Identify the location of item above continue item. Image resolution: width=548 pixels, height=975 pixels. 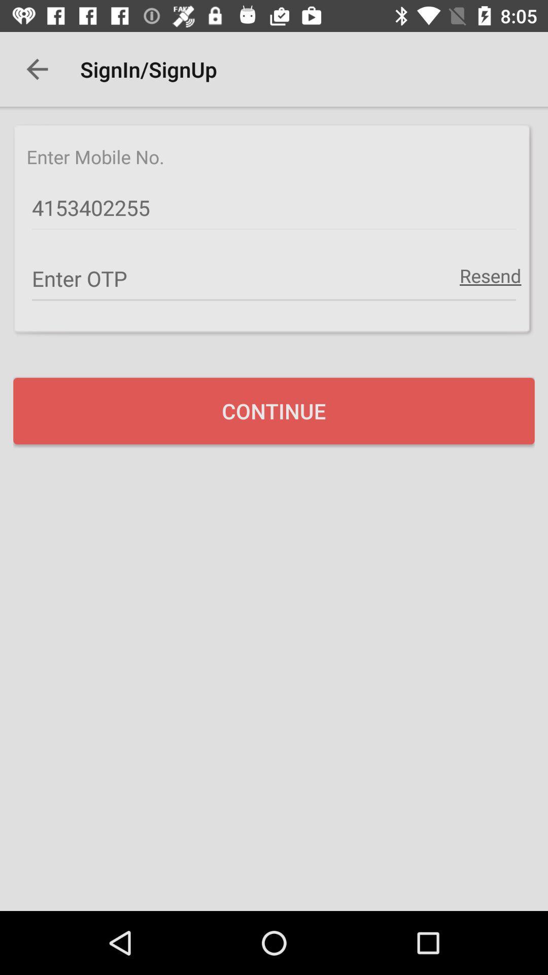
(490, 275).